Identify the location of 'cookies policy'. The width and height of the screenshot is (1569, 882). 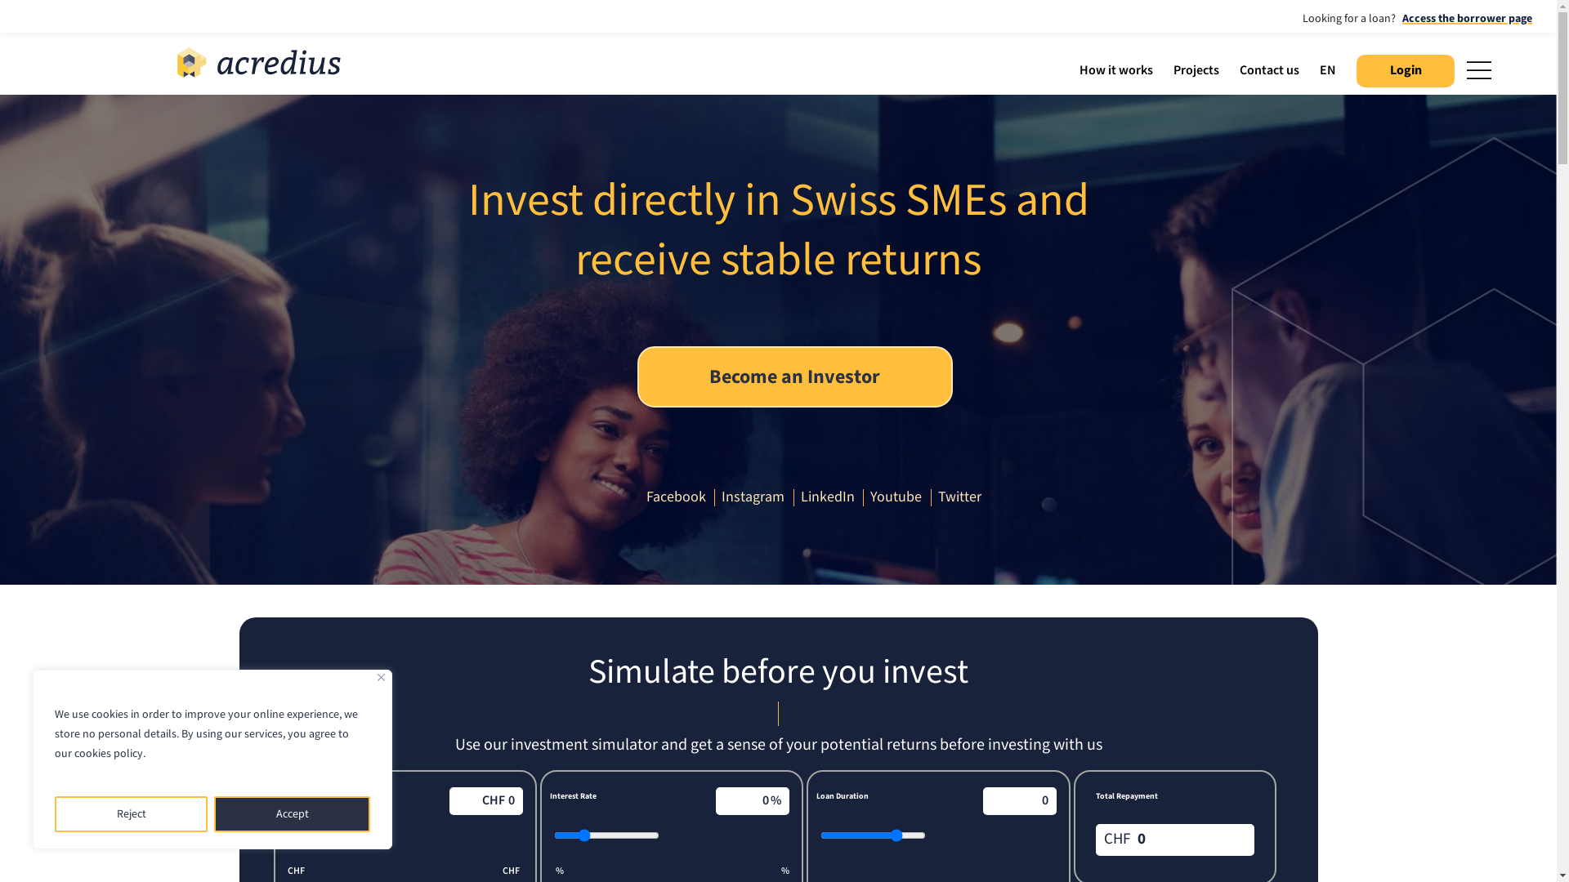
(108, 753).